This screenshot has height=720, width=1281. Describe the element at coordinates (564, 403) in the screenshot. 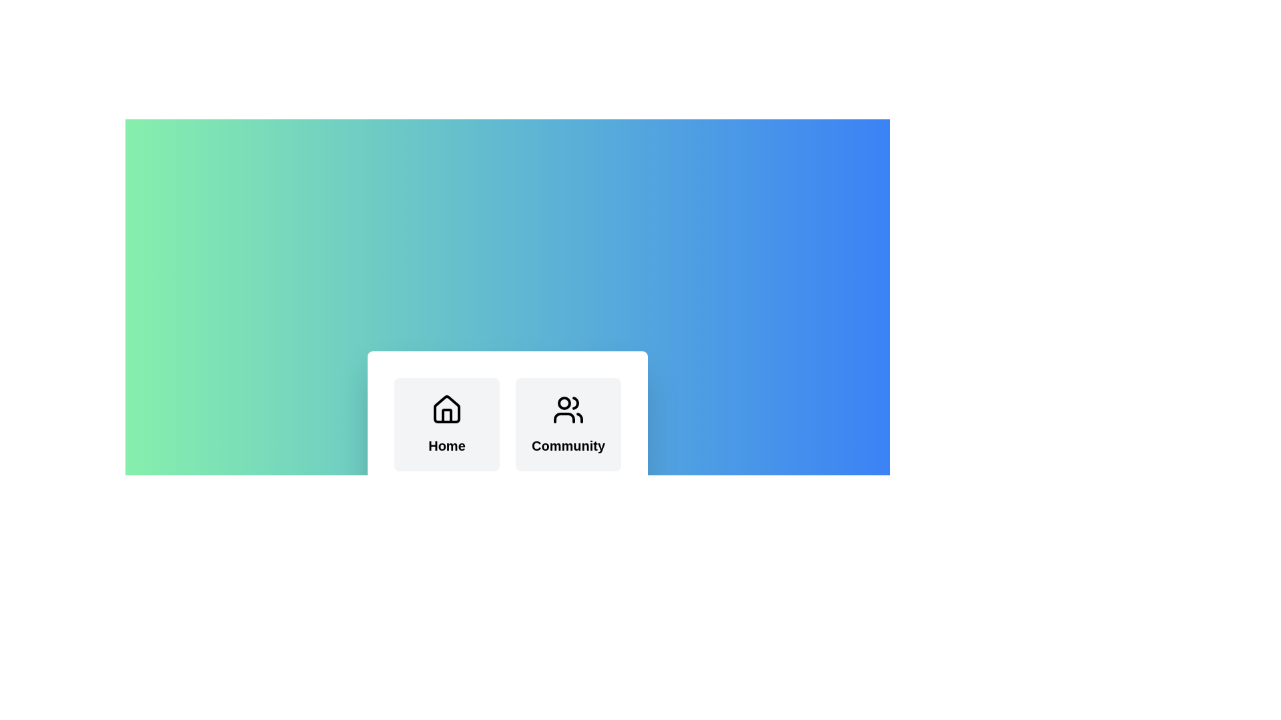

I see `the circular part of the 'Community' icon, located to the right of the 'Home' button in the bottom-center panel` at that location.